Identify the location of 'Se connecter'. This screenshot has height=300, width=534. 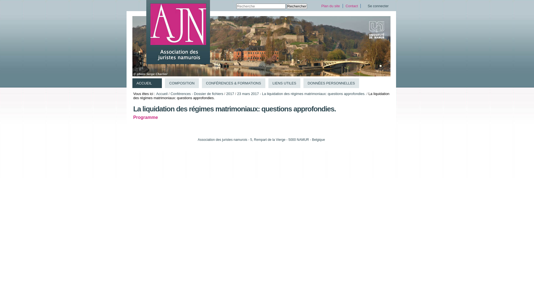
(378, 6).